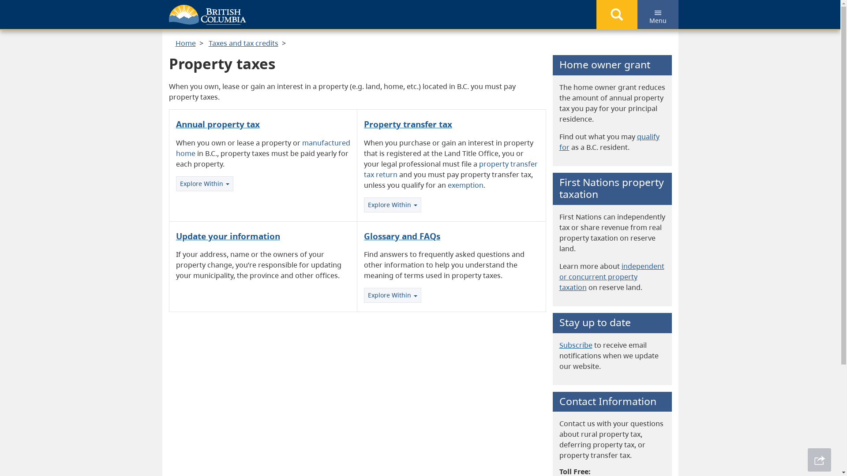 This screenshot has height=476, width=847. I want to click on 'exemption', so click(447, 185).